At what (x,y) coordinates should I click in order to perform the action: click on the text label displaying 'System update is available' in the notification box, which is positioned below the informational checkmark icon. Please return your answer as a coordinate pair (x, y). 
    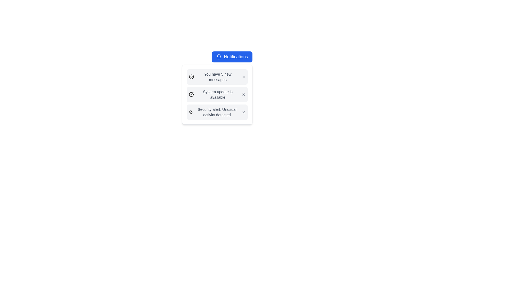
    Looking at the image, I should click on (218, 94).